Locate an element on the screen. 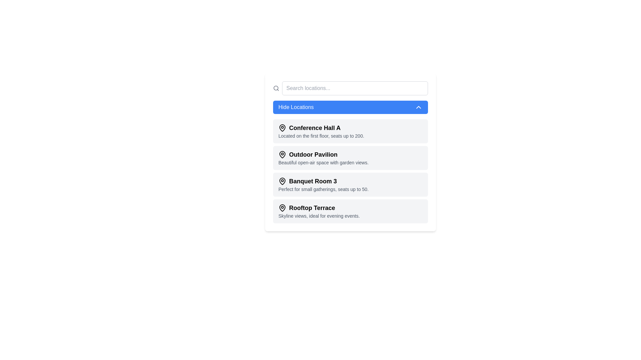 This screenshot has height=360, width=641. the icon located on the far-right side of the blue button labeled 'Hide Locations' is located at coordinates (418, 107).